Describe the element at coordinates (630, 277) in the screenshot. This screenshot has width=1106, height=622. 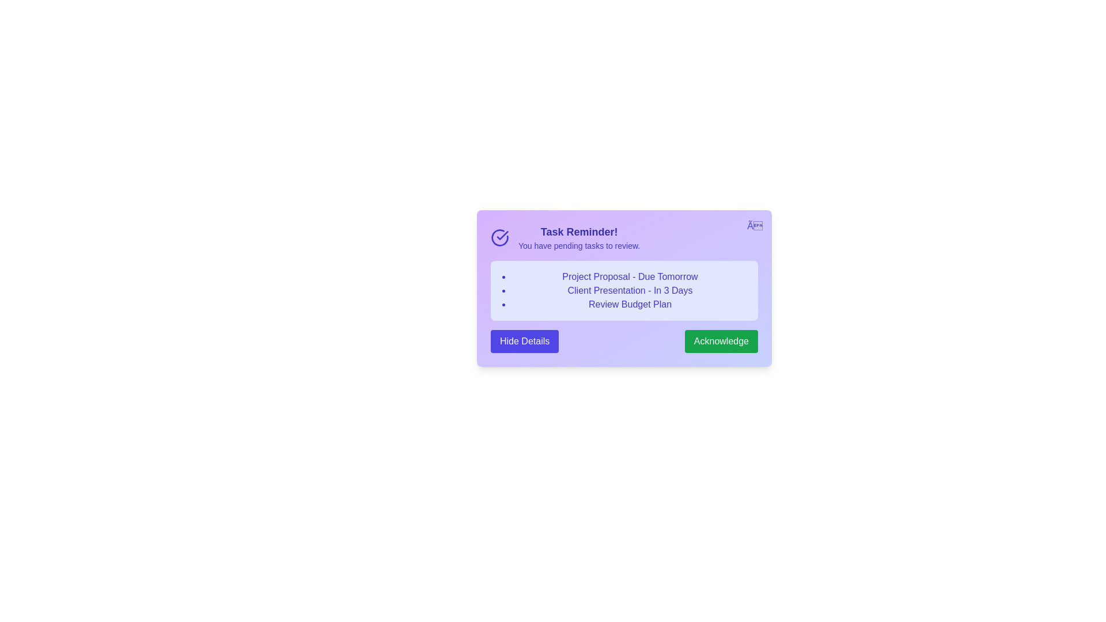
I see `the task title 'Project Proposal - Due Tomorrow' for interaction` at that location.